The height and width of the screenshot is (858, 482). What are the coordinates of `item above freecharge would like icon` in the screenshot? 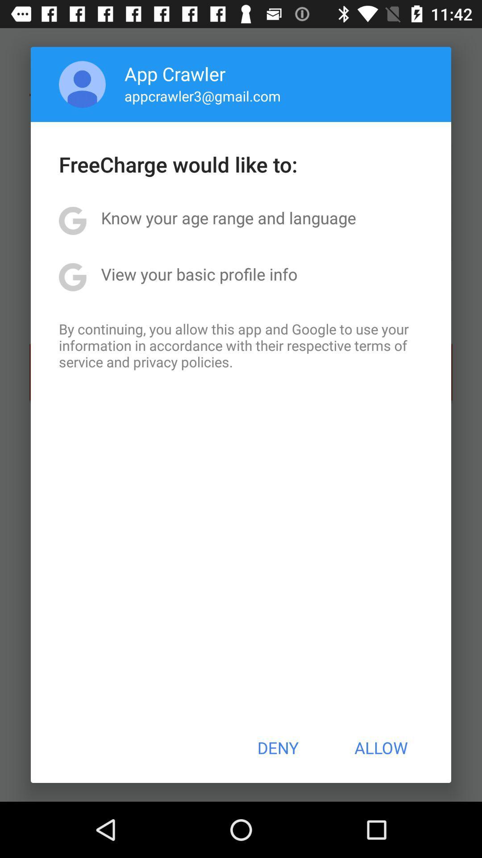 It's located at (82, 84).